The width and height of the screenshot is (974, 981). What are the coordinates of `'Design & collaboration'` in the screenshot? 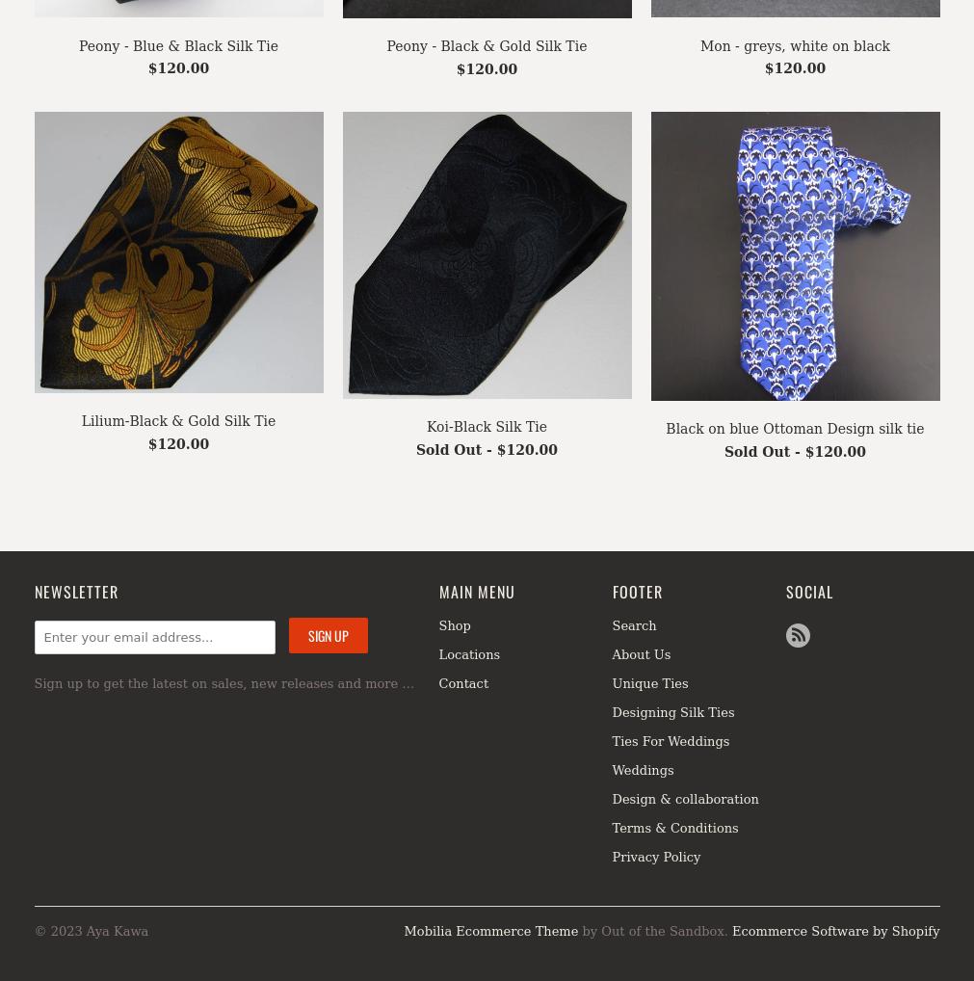 It's located at (684, 797).